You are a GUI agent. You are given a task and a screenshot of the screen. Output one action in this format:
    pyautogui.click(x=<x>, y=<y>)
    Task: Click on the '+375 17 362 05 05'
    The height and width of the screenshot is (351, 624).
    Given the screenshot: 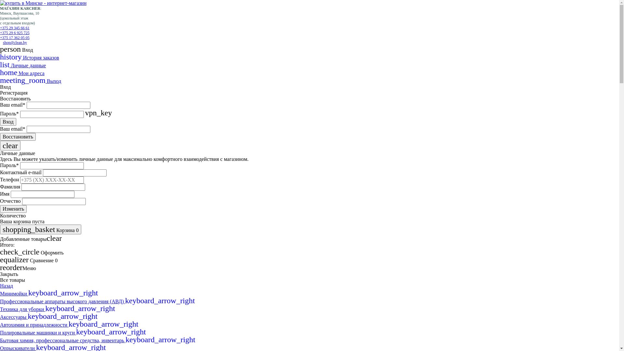 What is the action you would take?
    pyautogui.click(x=15, y=37)
    